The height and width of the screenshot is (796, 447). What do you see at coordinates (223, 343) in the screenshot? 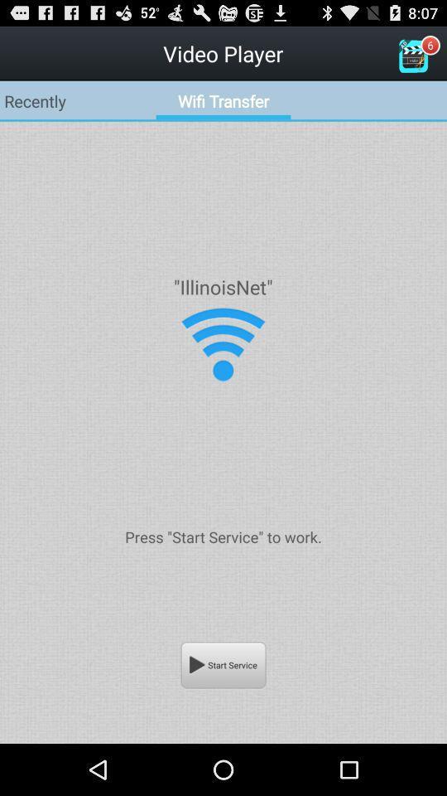
I see `the icon below the "illinoisnet"` at bounding box center [223, 343].